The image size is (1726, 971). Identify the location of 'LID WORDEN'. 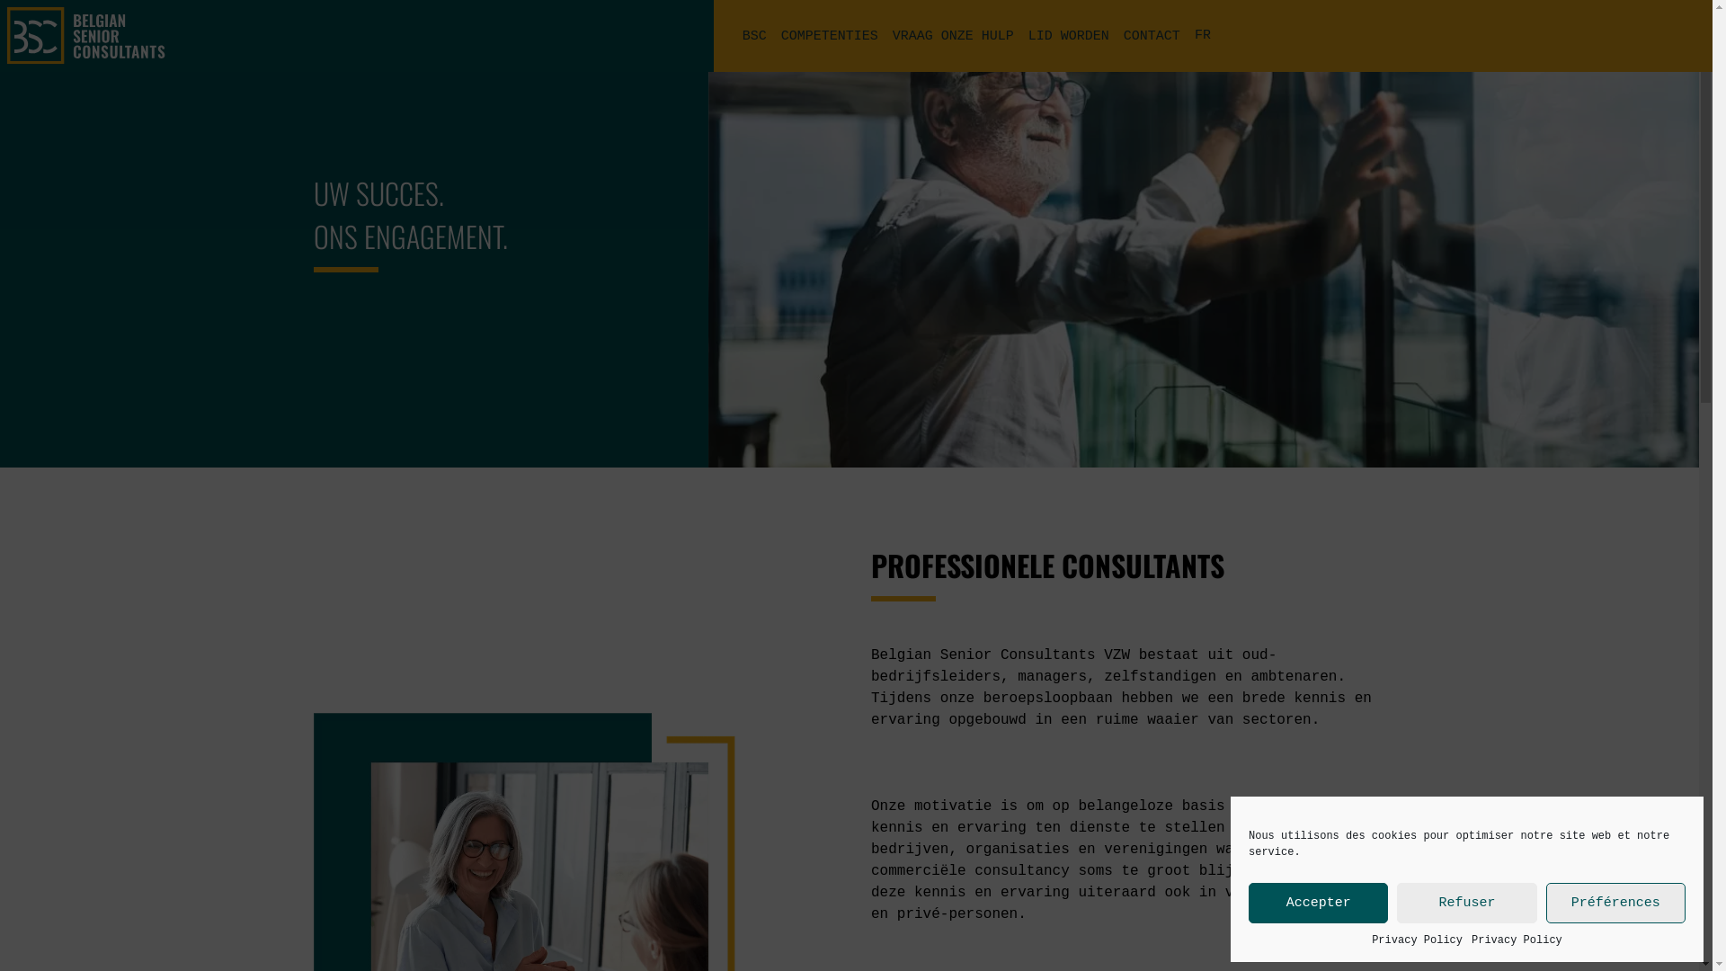
(1069, 36).